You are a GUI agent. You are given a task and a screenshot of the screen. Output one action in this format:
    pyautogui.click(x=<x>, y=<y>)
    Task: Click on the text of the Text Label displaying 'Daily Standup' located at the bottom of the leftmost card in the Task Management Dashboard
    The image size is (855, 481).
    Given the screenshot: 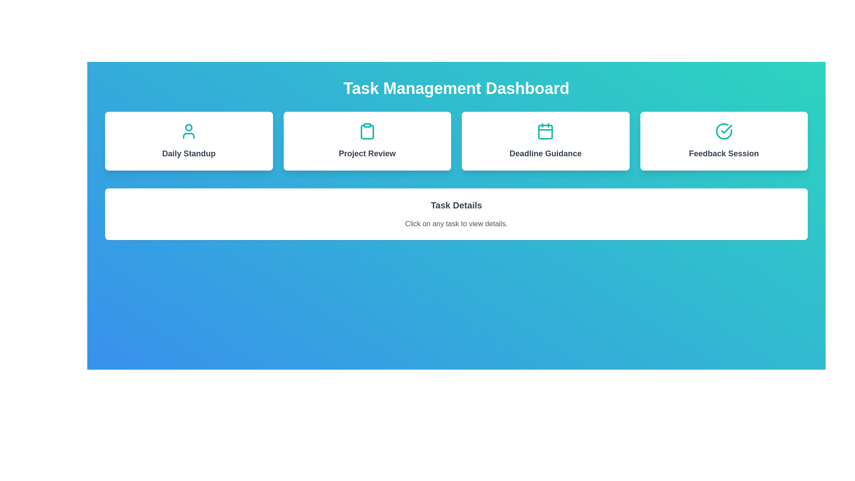 What is the action you would take?
    pyautogui.click(x=188, y=153)
    